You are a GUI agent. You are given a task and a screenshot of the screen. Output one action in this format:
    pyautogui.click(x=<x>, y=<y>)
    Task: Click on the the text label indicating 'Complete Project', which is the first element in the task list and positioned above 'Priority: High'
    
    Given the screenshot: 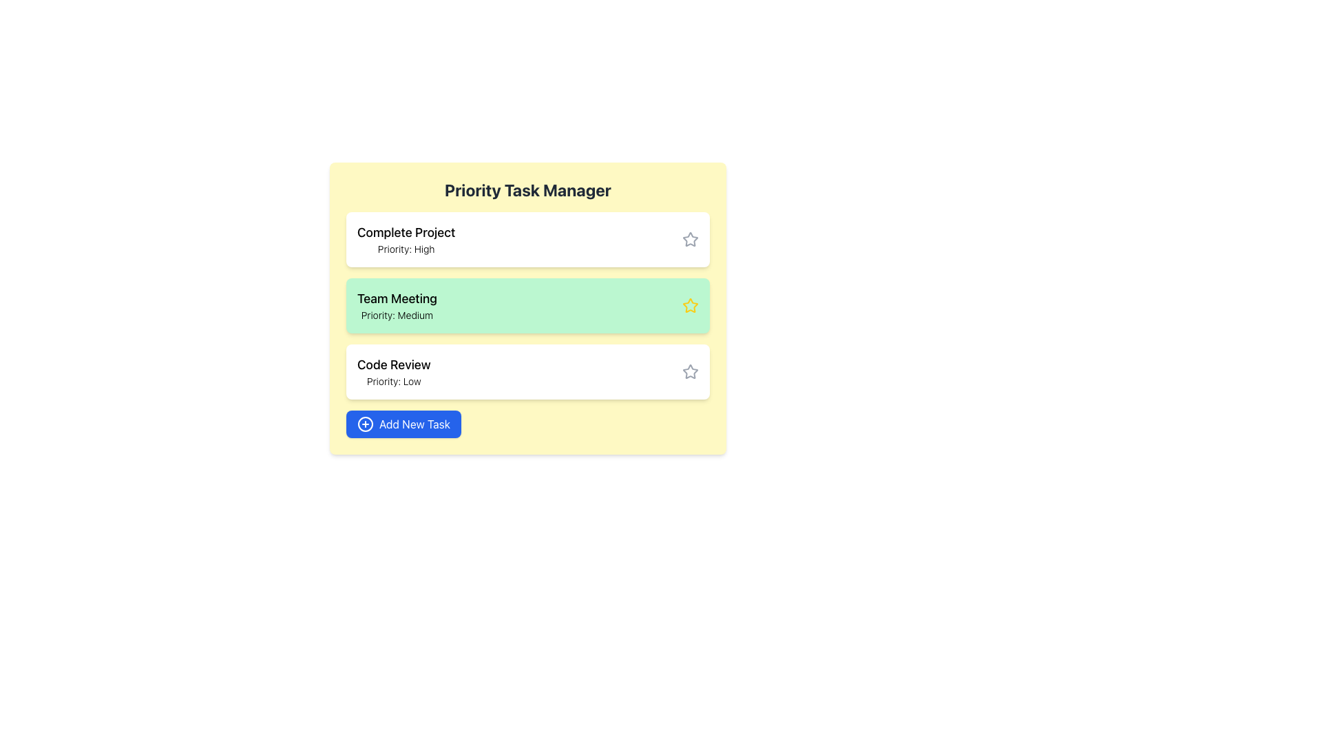 What is the action you would take?
    pyautogui.click(x=406, y=232)
    